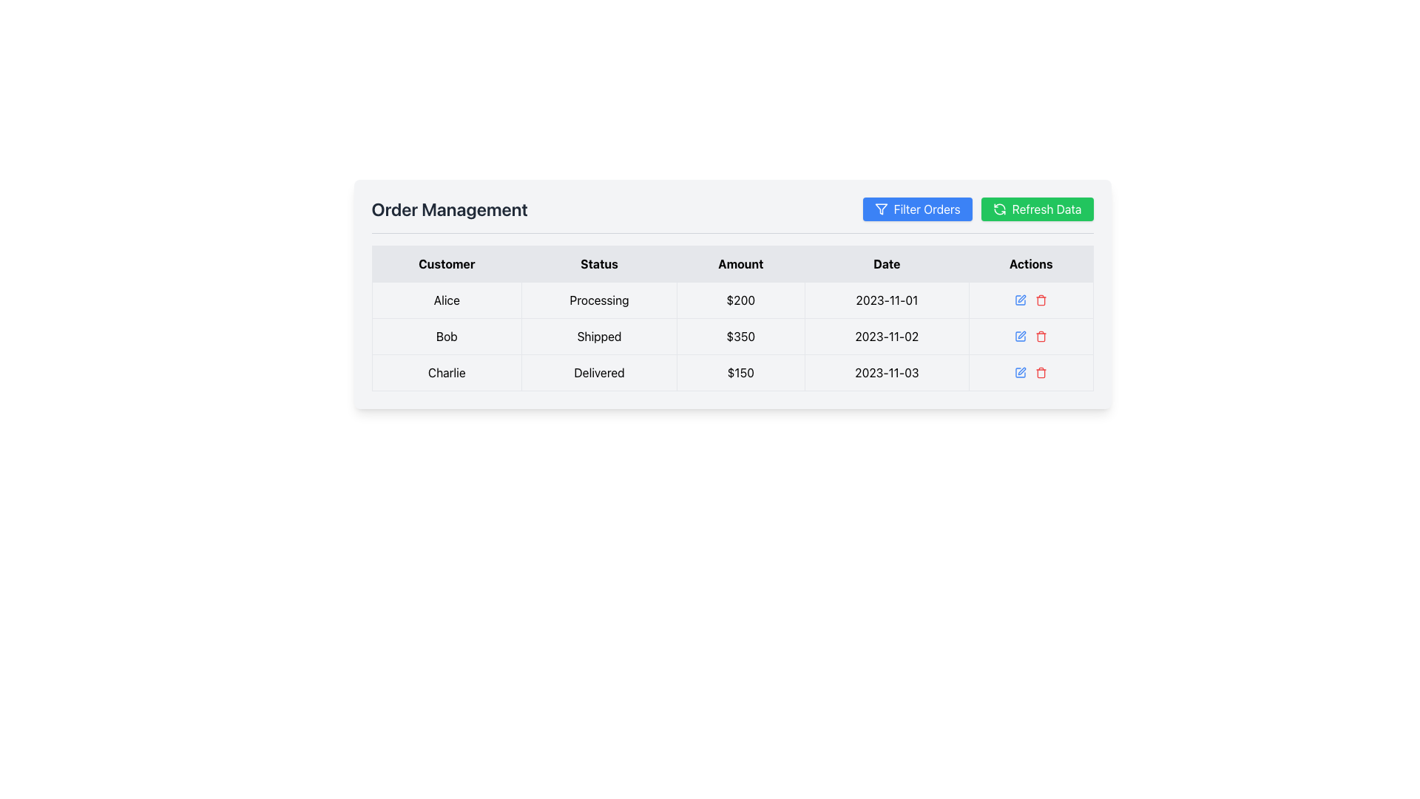 This screenshot has width=1420, height=799. I want to click on the pen icon in the 'Actions' column of the last row in the table, which serves as the graphical base for edit functionality, so click(1020, 372).